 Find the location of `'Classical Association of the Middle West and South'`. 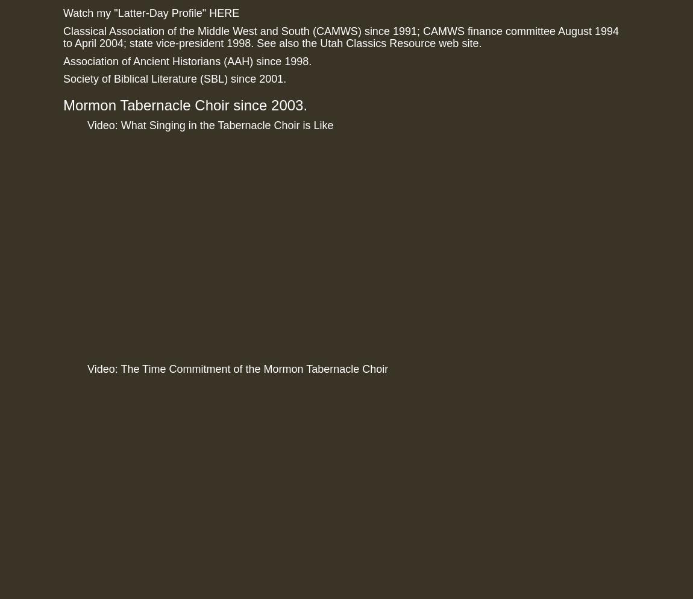

'Classical Association of the Middle West and South' is located at coordinates (186, 31).